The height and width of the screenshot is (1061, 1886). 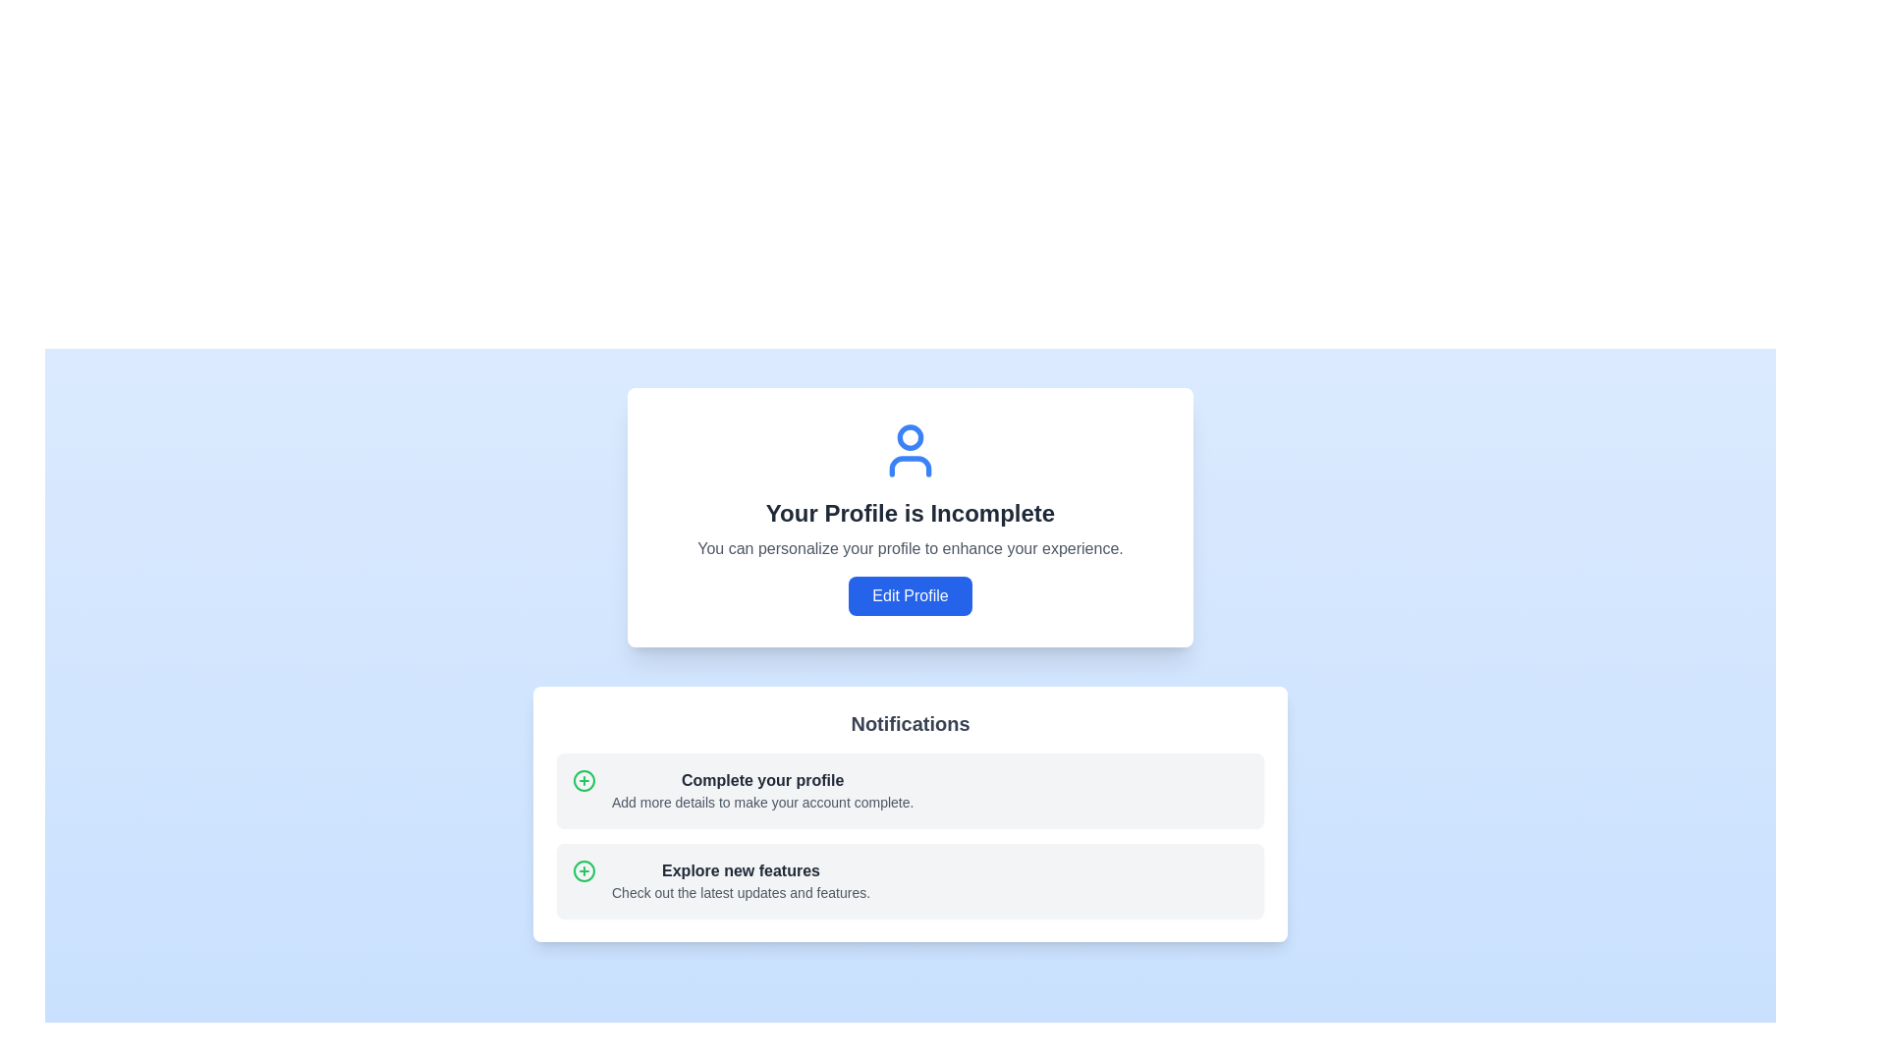 What do you see at coordinates (761, 779) in the screenshot?
I see `the bold title text label that guides users to complete their profile information, located in the 'Notifications' section` at bounding box center [761, 779].